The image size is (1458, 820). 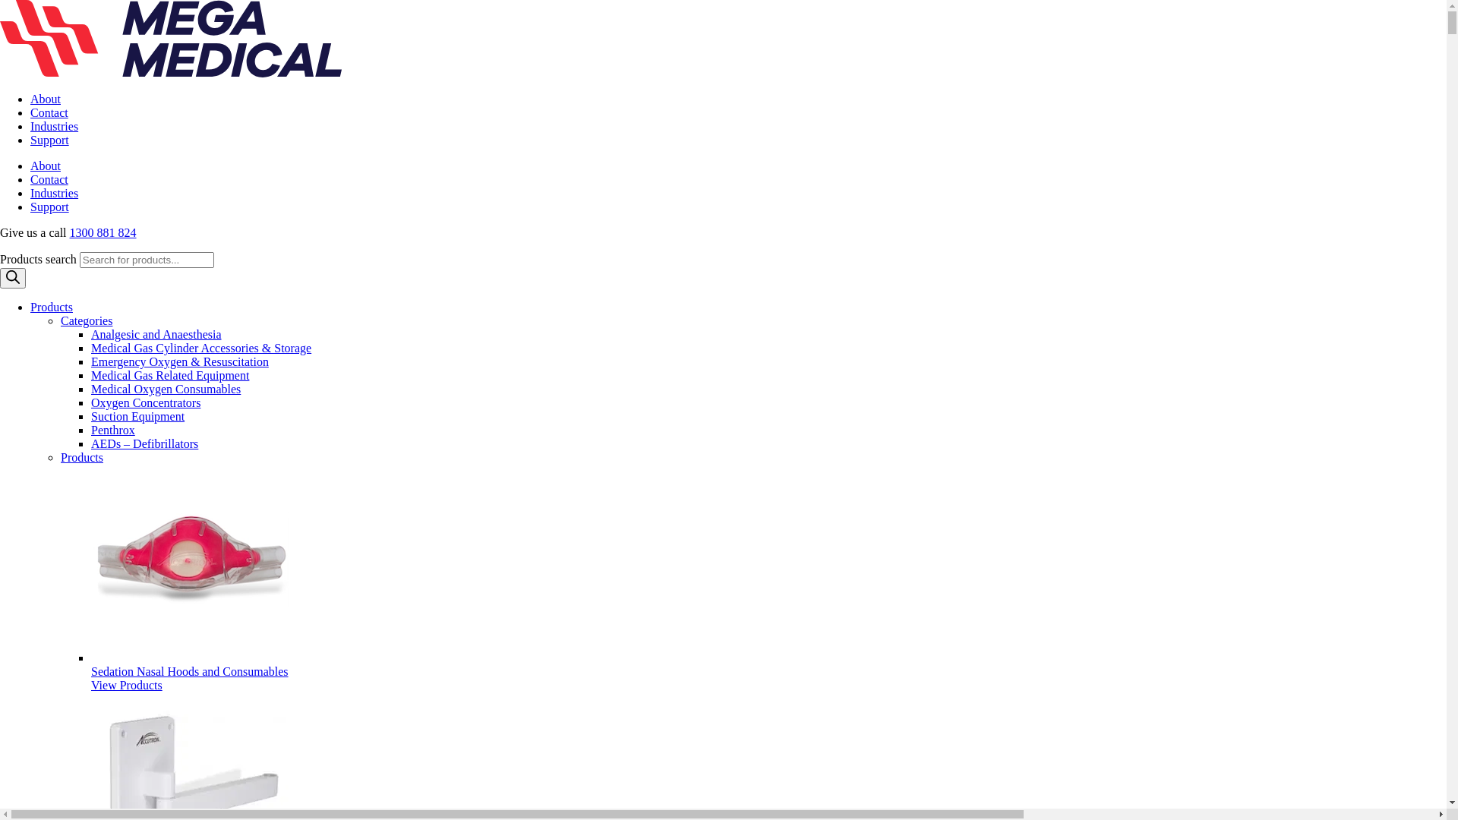 What do you see at coordinates (90, 402) in the screenshot?
I see `'Oxygen Concentrators'` at bounding box center [90, 402].